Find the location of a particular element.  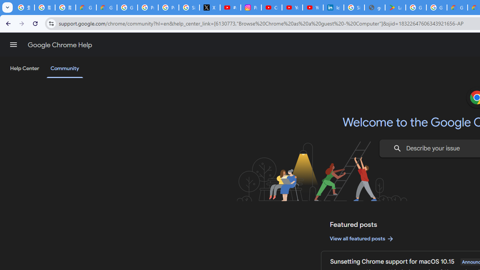

'Main menu' is located at coordinates (13, 45).